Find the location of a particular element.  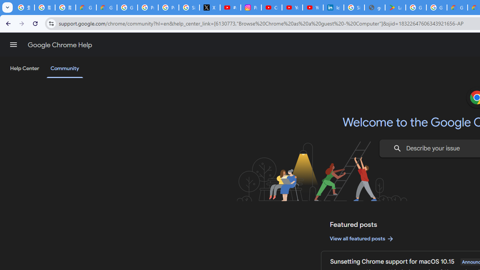

'Main menu' is located at coordinates (13, 45).